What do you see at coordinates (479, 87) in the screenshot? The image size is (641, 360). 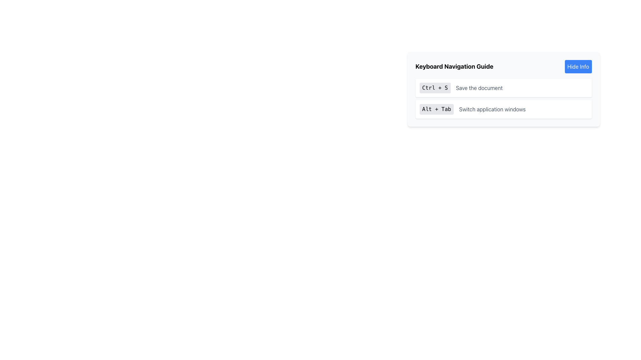 I see `the Text Label indicating the function associated with the keyboard shortcut 'Ctrl + S', located in the upper-right section of the interface within the 'Keyboard Navigation Guide'` at bounding box center [479, 87].